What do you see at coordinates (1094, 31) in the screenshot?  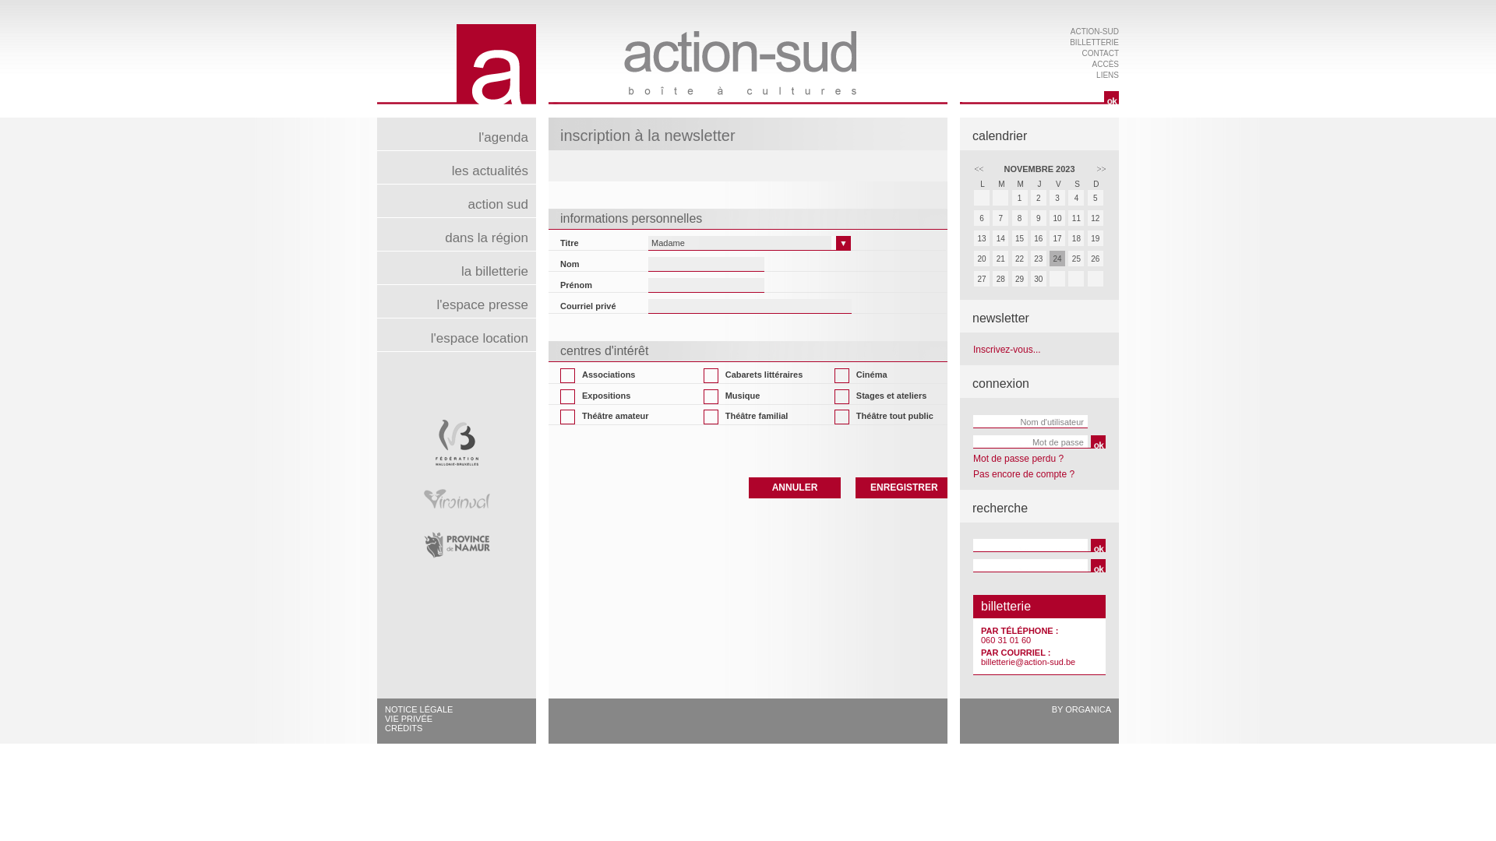 I see `'ACTION-SUD'` at bounding box center [1094, 31].